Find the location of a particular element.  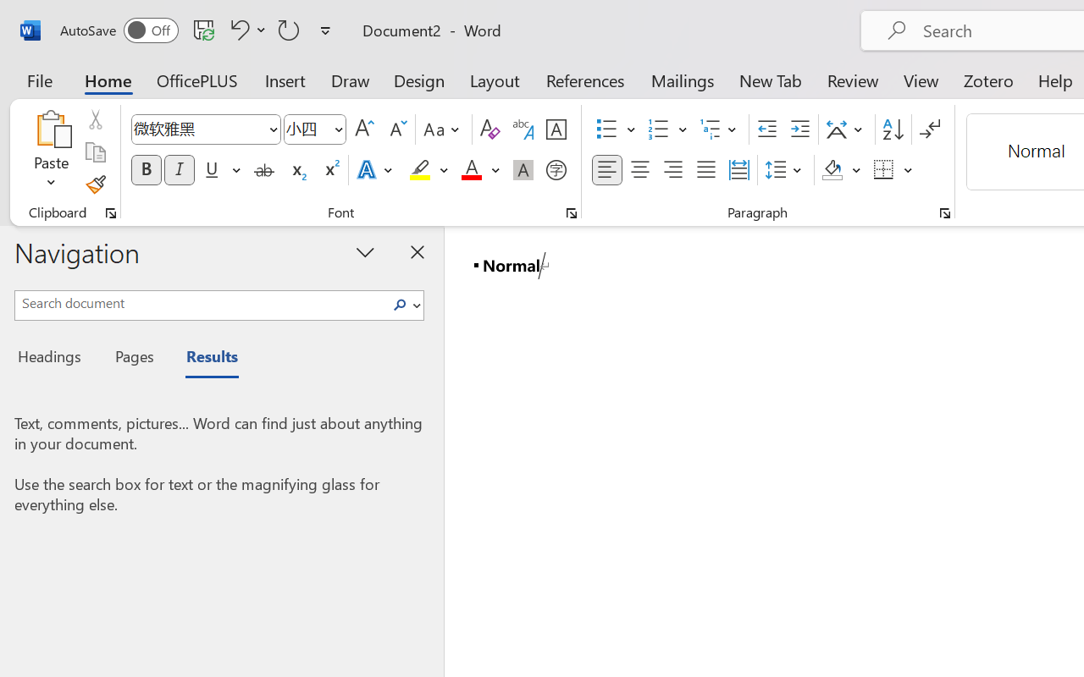

'Search document' is located at coordinates (201, 303).